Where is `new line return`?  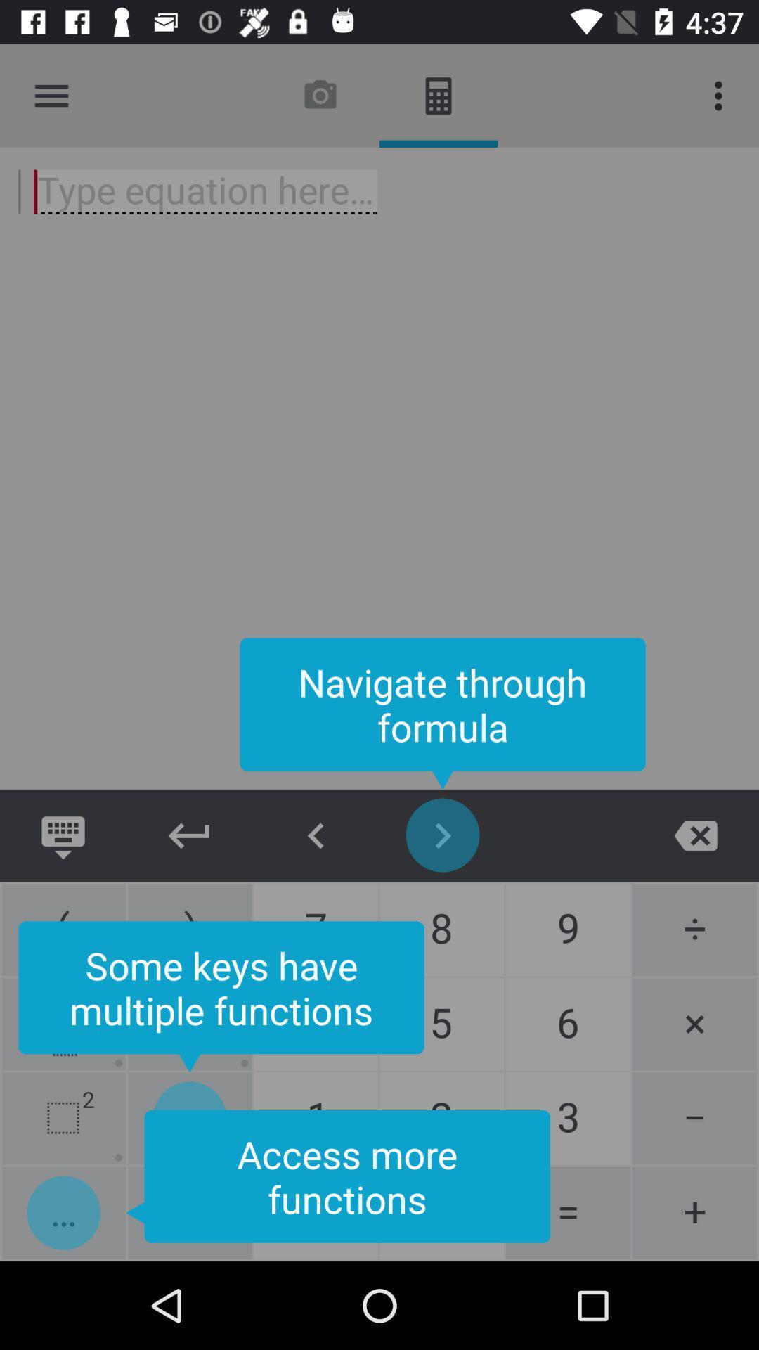 new line return is located at coordinates (190, 835).